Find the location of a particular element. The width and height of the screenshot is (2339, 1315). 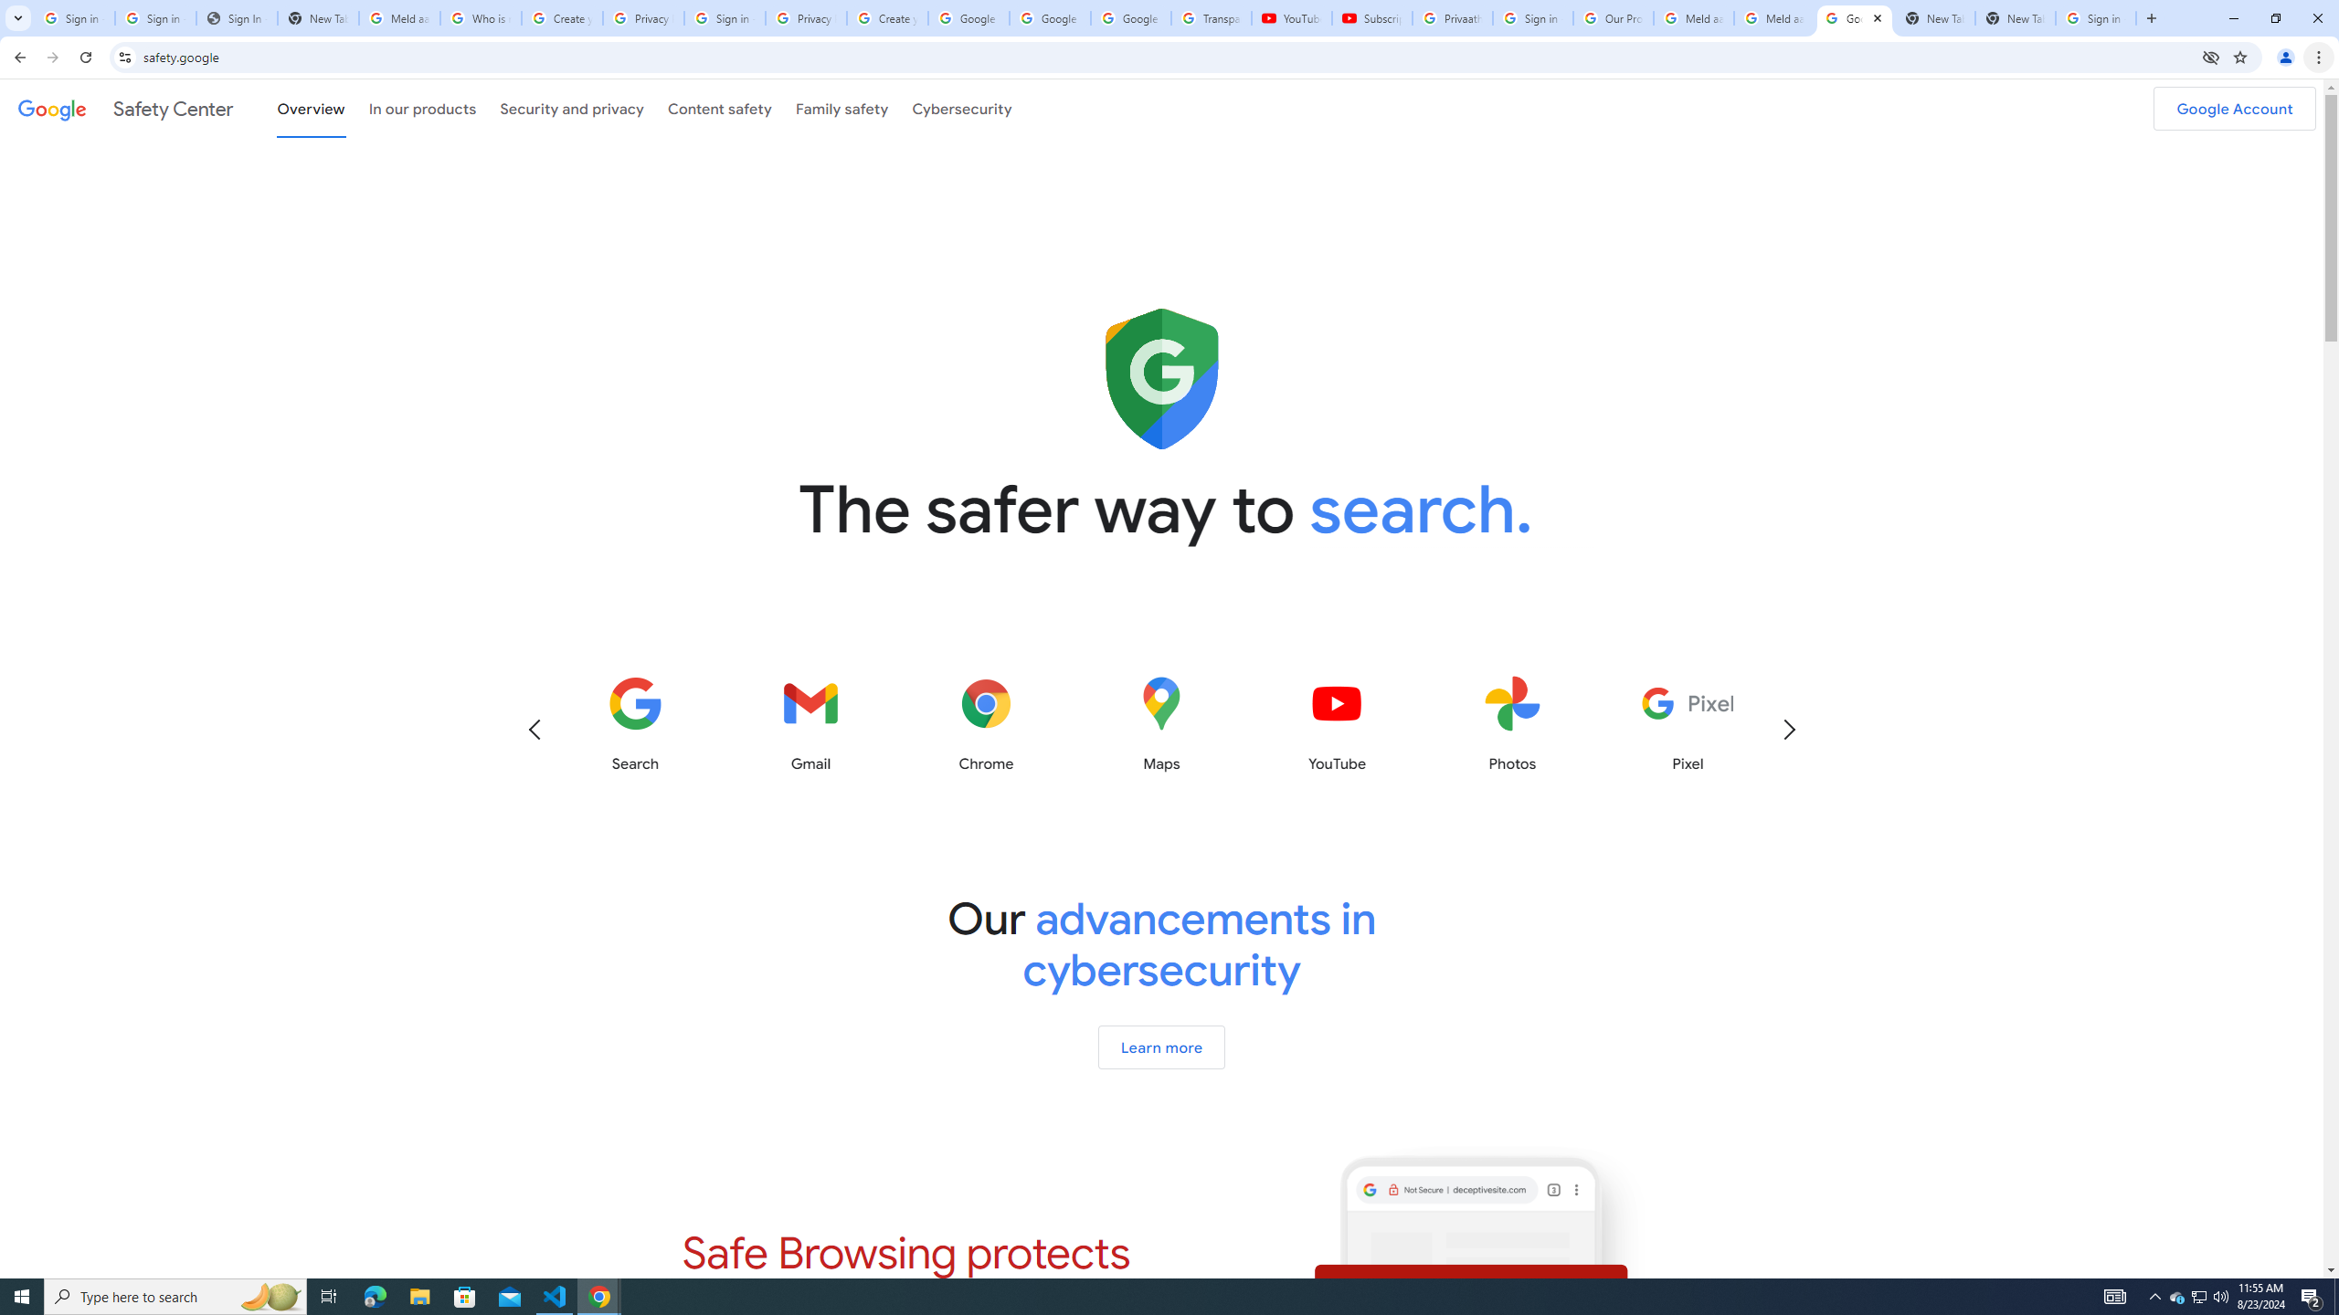

'Previous' is located at coordinates (533, 728).